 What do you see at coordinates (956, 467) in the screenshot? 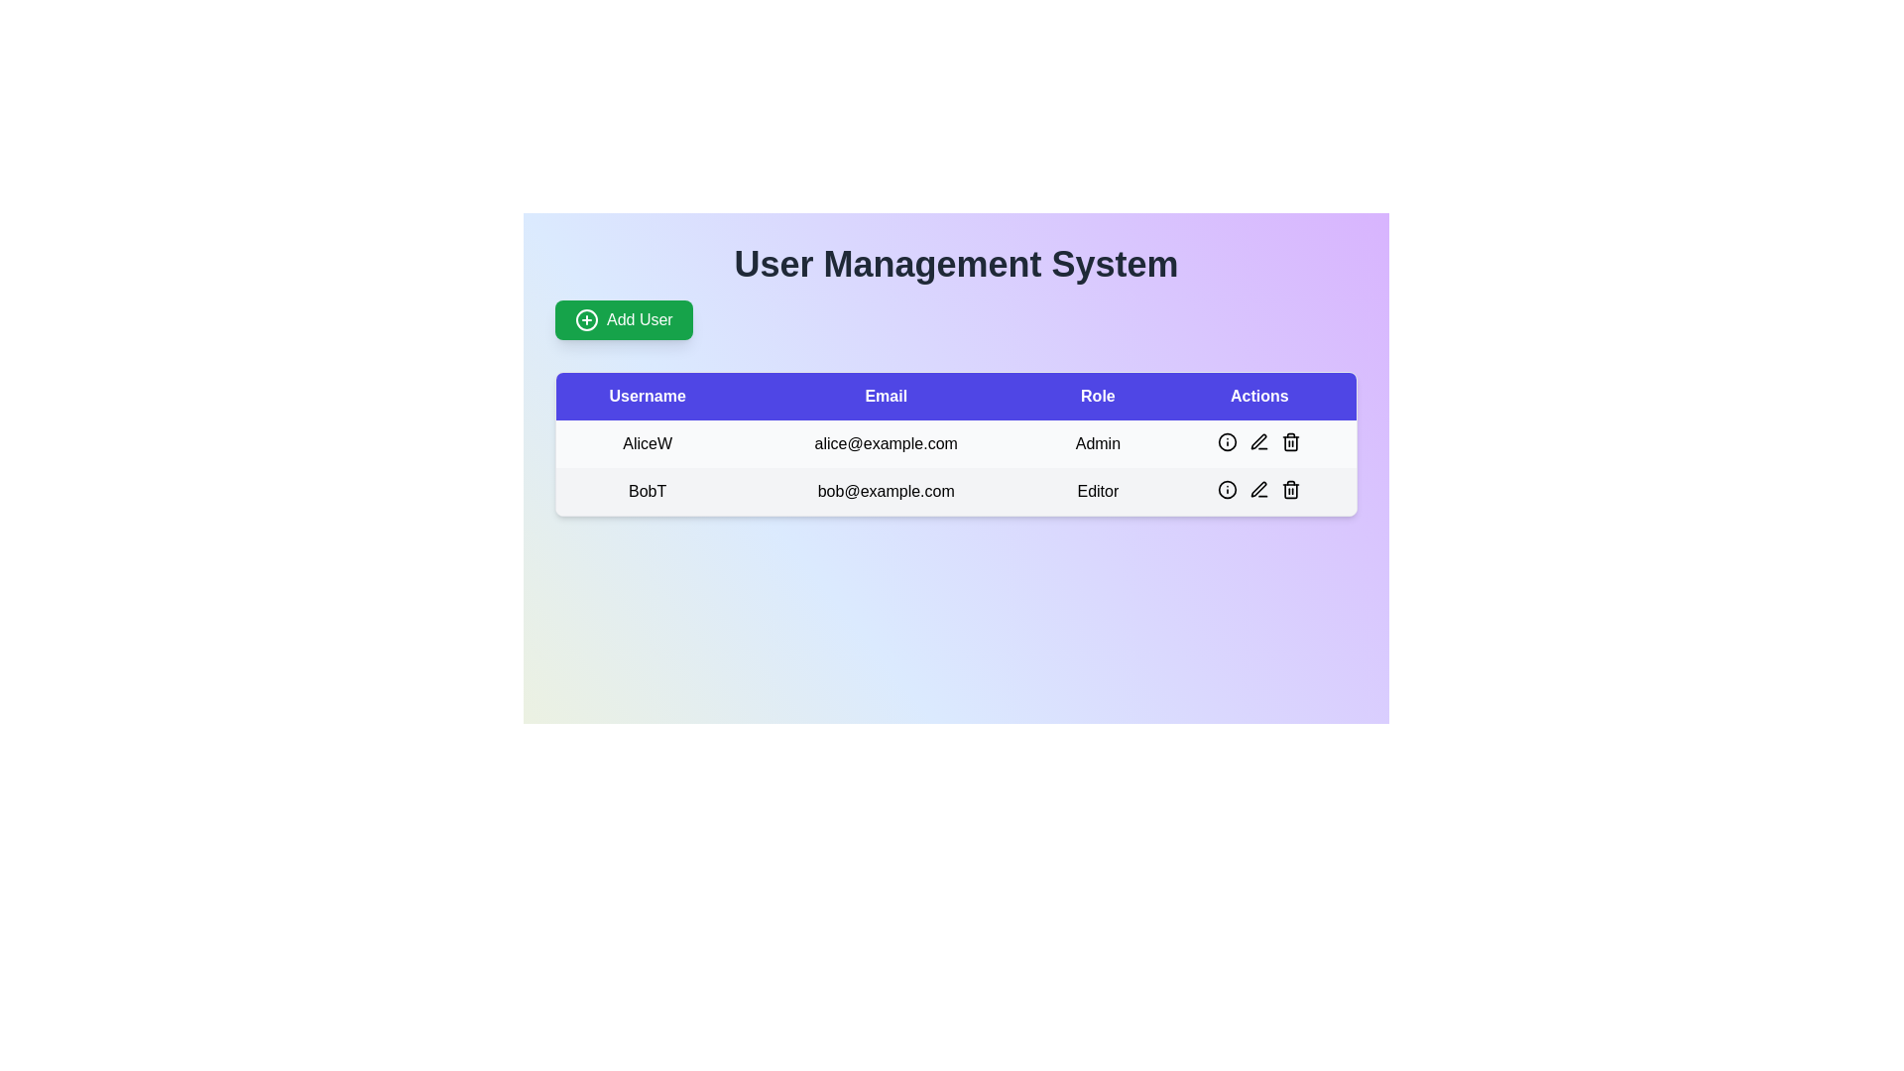
I see `the email field in the first row of user information in the 'User Management System' interface` at bounding box center [956, 467].